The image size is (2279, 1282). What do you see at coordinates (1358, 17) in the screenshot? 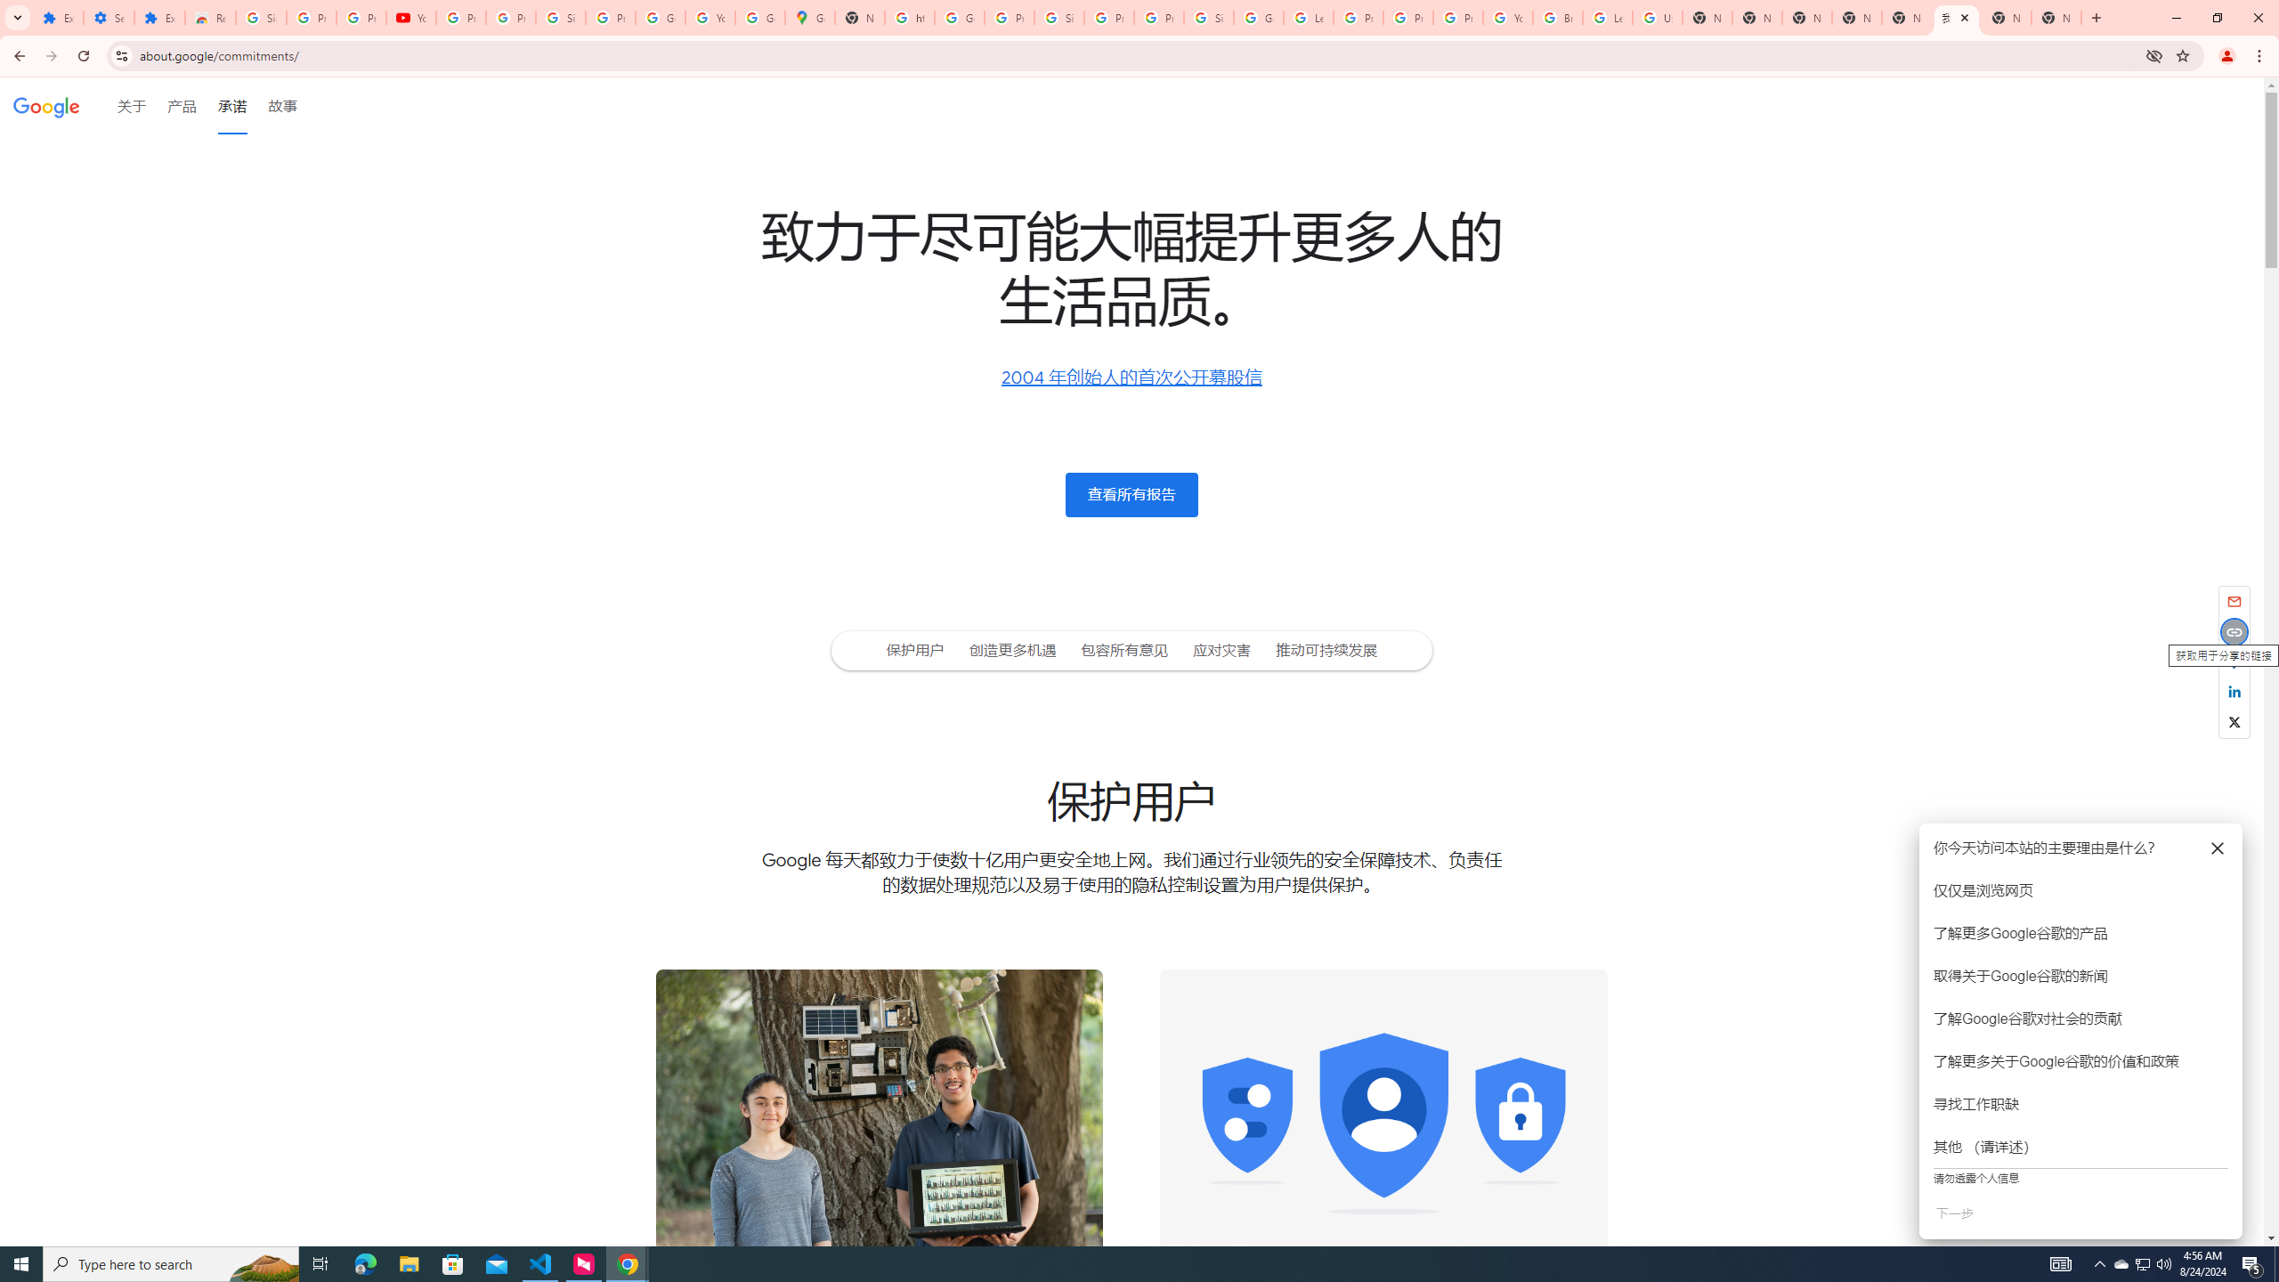
I see `'Privacy Help Center - Policies Help'` at bounding box center [1358, 17].